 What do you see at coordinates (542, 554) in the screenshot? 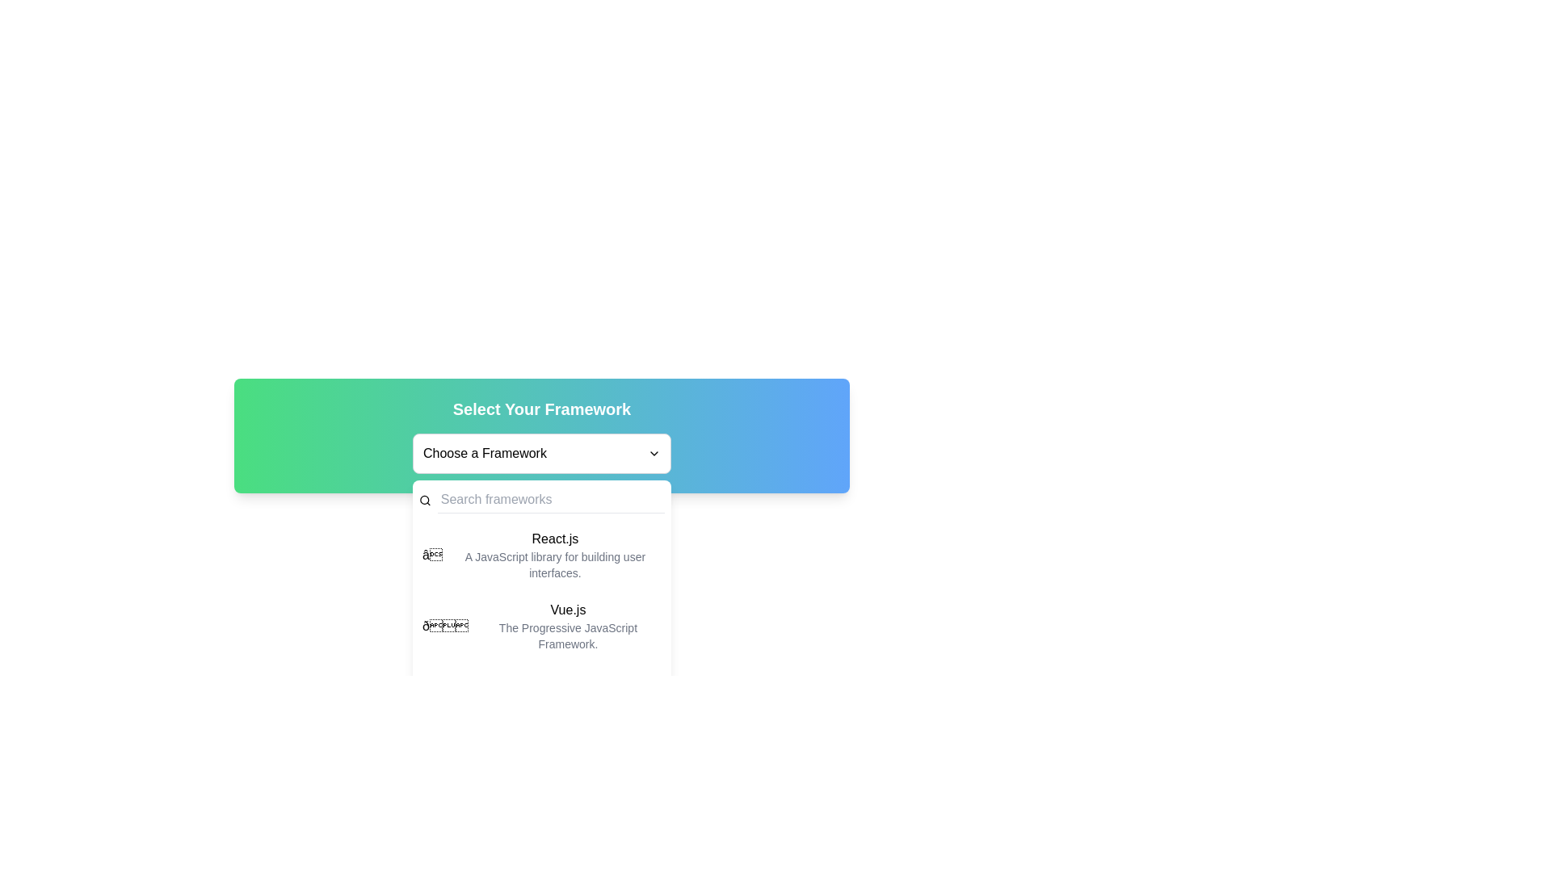
I see `the first list item under 'Choose a Framework' which has the bold title 'React.js' and a description 'A JavaScript library for building user interfaces.'` at bounding box center [542, 554].